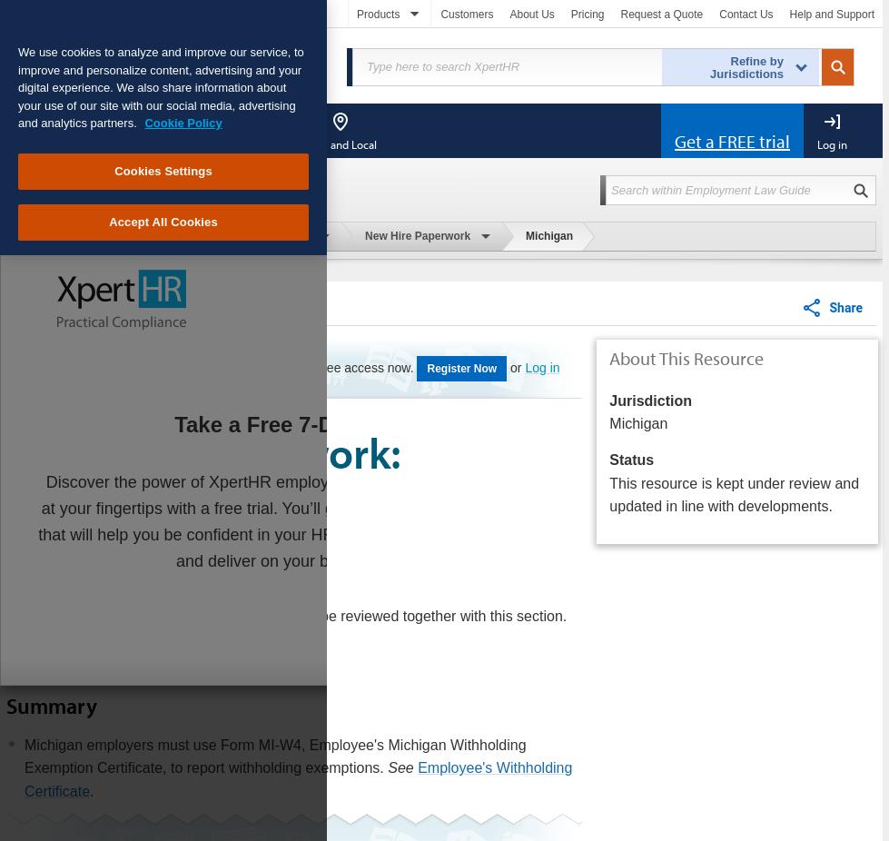 The height and width of the screenshot is (841, 889). Describe the element at coordinates (89, 790) in the screenshot. I see `'.'` at that location.